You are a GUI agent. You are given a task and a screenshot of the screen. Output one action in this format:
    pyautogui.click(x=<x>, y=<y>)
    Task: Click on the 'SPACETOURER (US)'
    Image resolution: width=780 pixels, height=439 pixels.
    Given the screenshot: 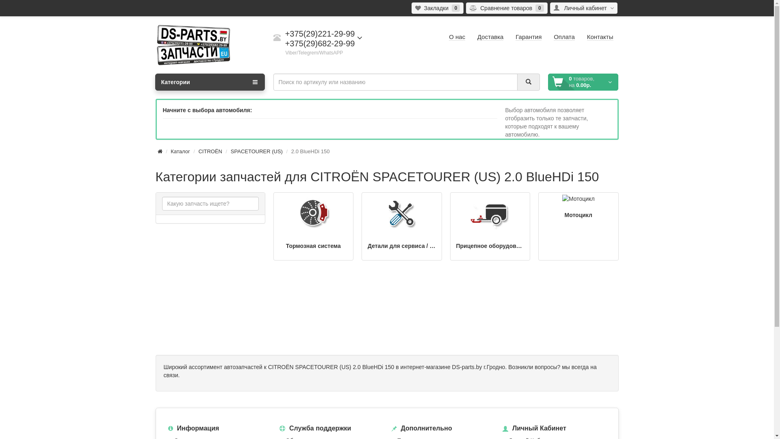 What is the action you would take?
    pyautogui.click(x=256, y=151)
    